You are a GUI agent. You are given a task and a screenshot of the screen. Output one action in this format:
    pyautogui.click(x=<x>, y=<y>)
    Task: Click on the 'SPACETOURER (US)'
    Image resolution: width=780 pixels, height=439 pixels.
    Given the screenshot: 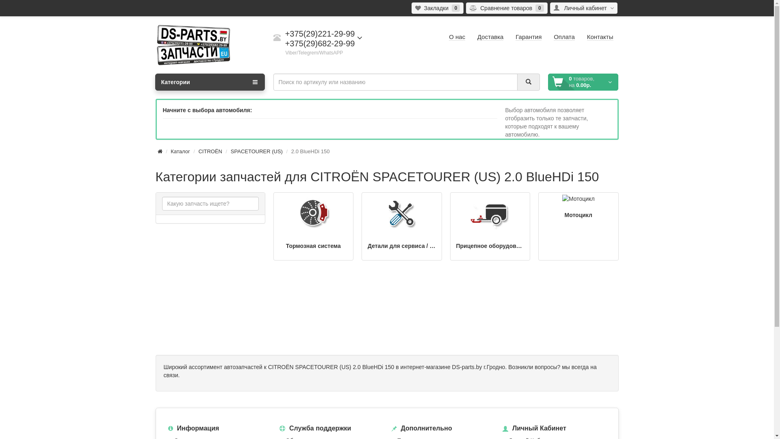 What is the action you would take?
    pyautogui.click(x=256, y=151)
    